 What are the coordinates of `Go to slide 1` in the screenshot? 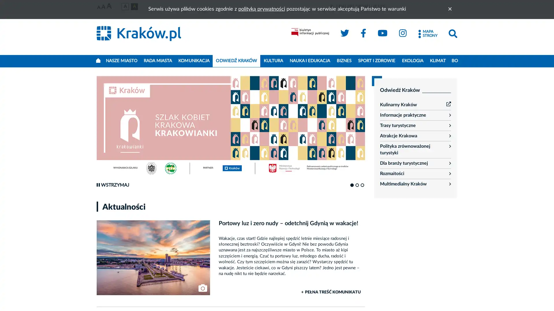 It's located at (351, 185).